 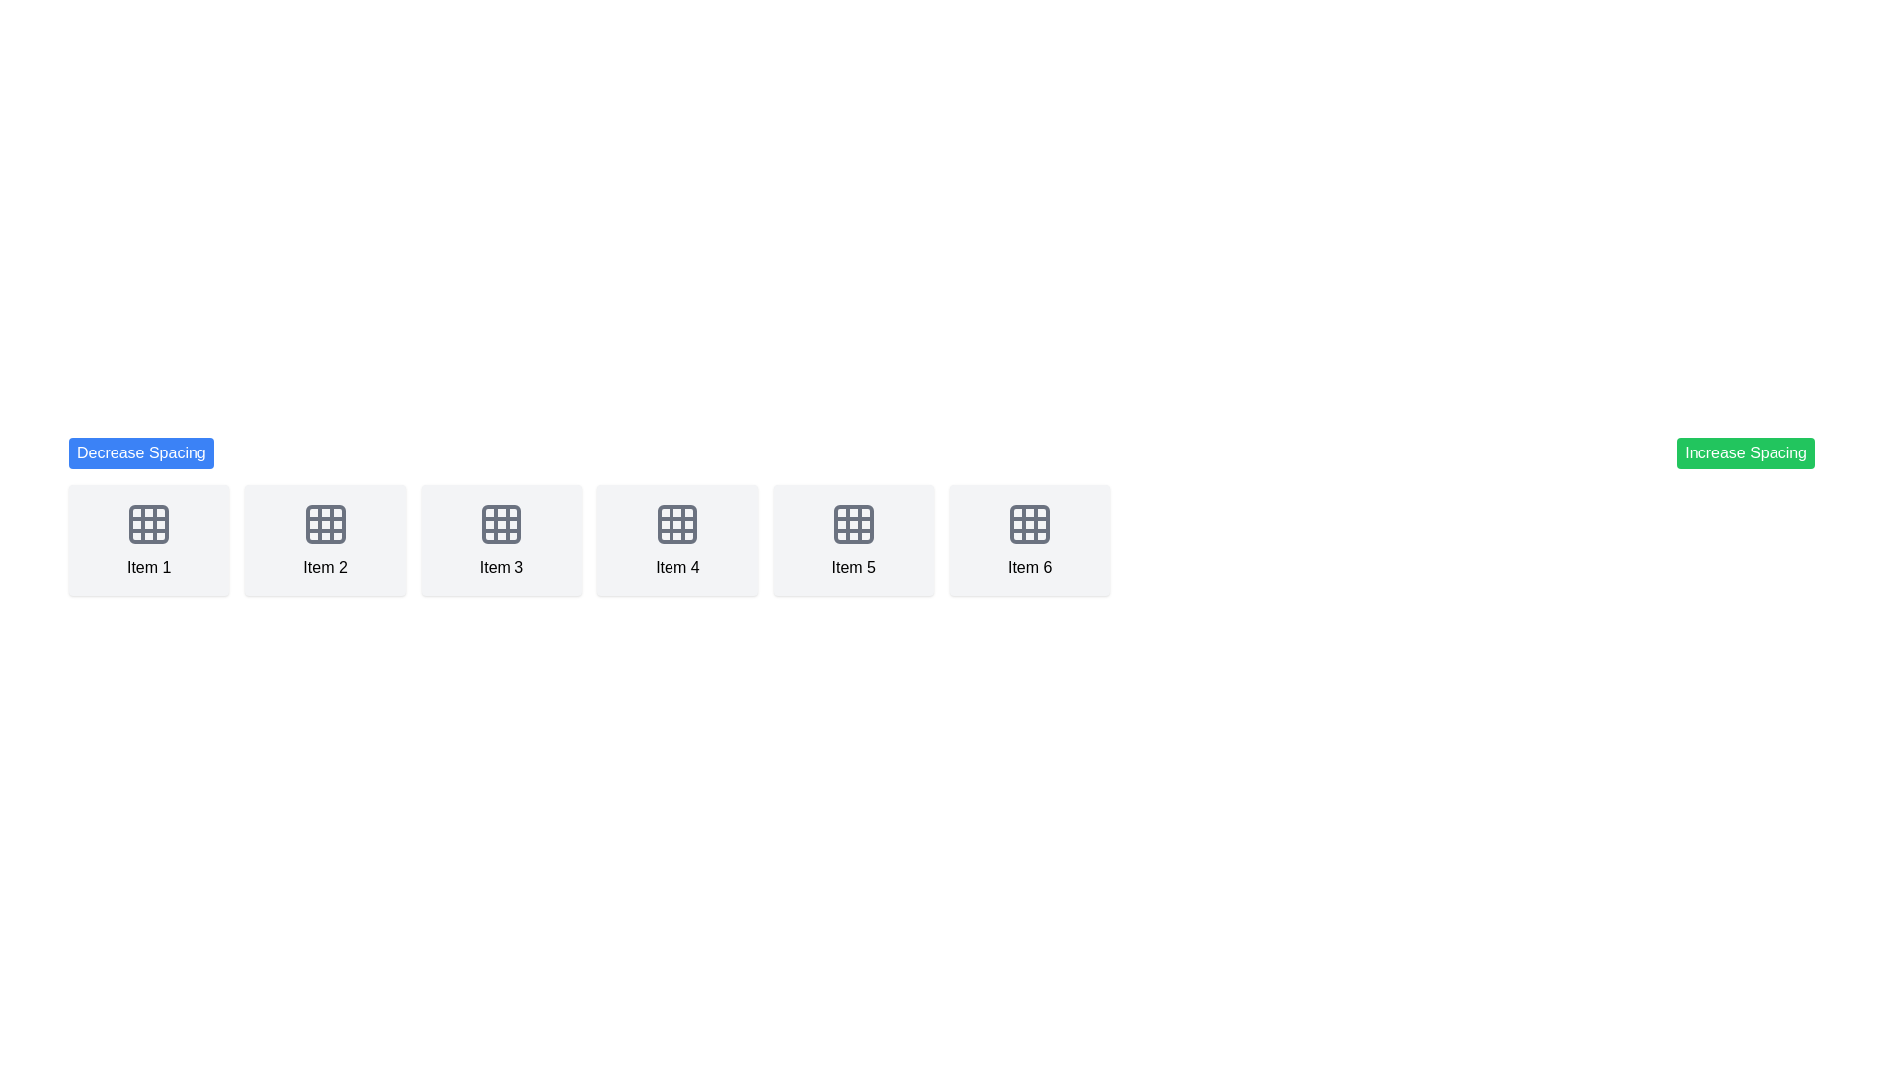 What do you see at coordinates (1029, 524) in the screenshot?
I see `the grid icon with nine cells arranged in a 3x3 layout, located within the box labeled 'Item 6', which has a gray background and rounded corners` at bounding box center [1029, 524].